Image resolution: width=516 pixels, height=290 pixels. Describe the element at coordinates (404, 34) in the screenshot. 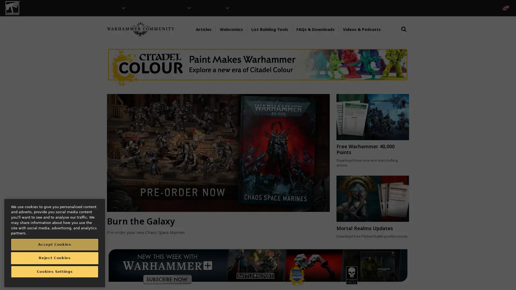

I see `Search` at that location.